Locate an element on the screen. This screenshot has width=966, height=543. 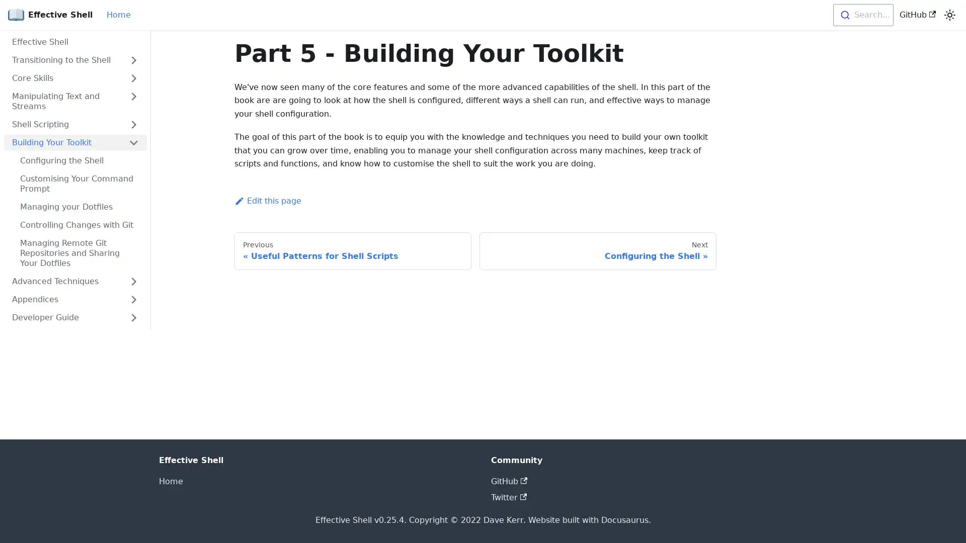
Toggle the collapsible sidebar category 'Building Your Toolkit' is located at coordinates (133, 143).